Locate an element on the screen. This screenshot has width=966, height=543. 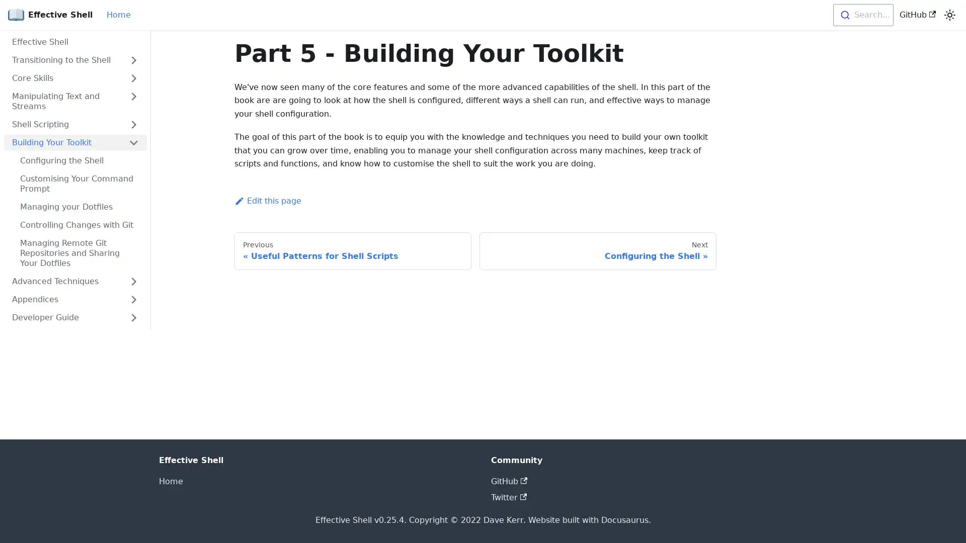
Toggle the collapsible sidebar category 'Building Your Toolkit' is located at coordinates (133, 143).